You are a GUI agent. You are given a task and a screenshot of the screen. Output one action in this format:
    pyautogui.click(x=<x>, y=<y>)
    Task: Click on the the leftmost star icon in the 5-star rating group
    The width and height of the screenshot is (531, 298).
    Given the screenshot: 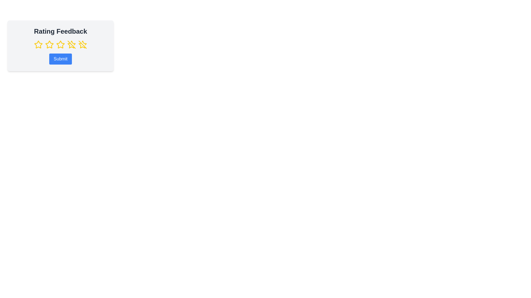 What is the action you would take?
    pyautogui.click(x=38, y=44)
    